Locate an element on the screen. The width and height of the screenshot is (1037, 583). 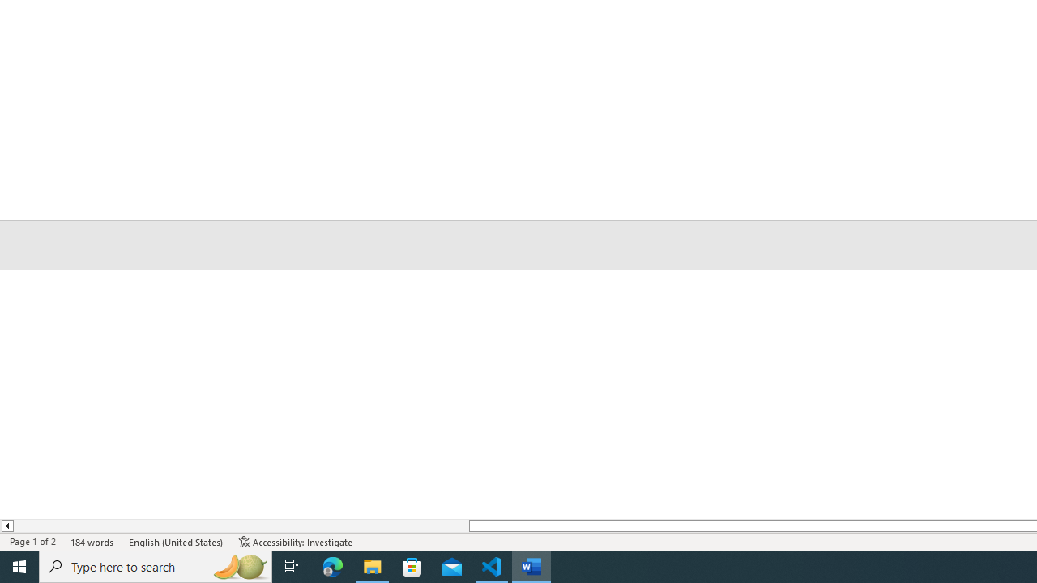
'Microsoft Edge' is located at coordinates (332, 565).